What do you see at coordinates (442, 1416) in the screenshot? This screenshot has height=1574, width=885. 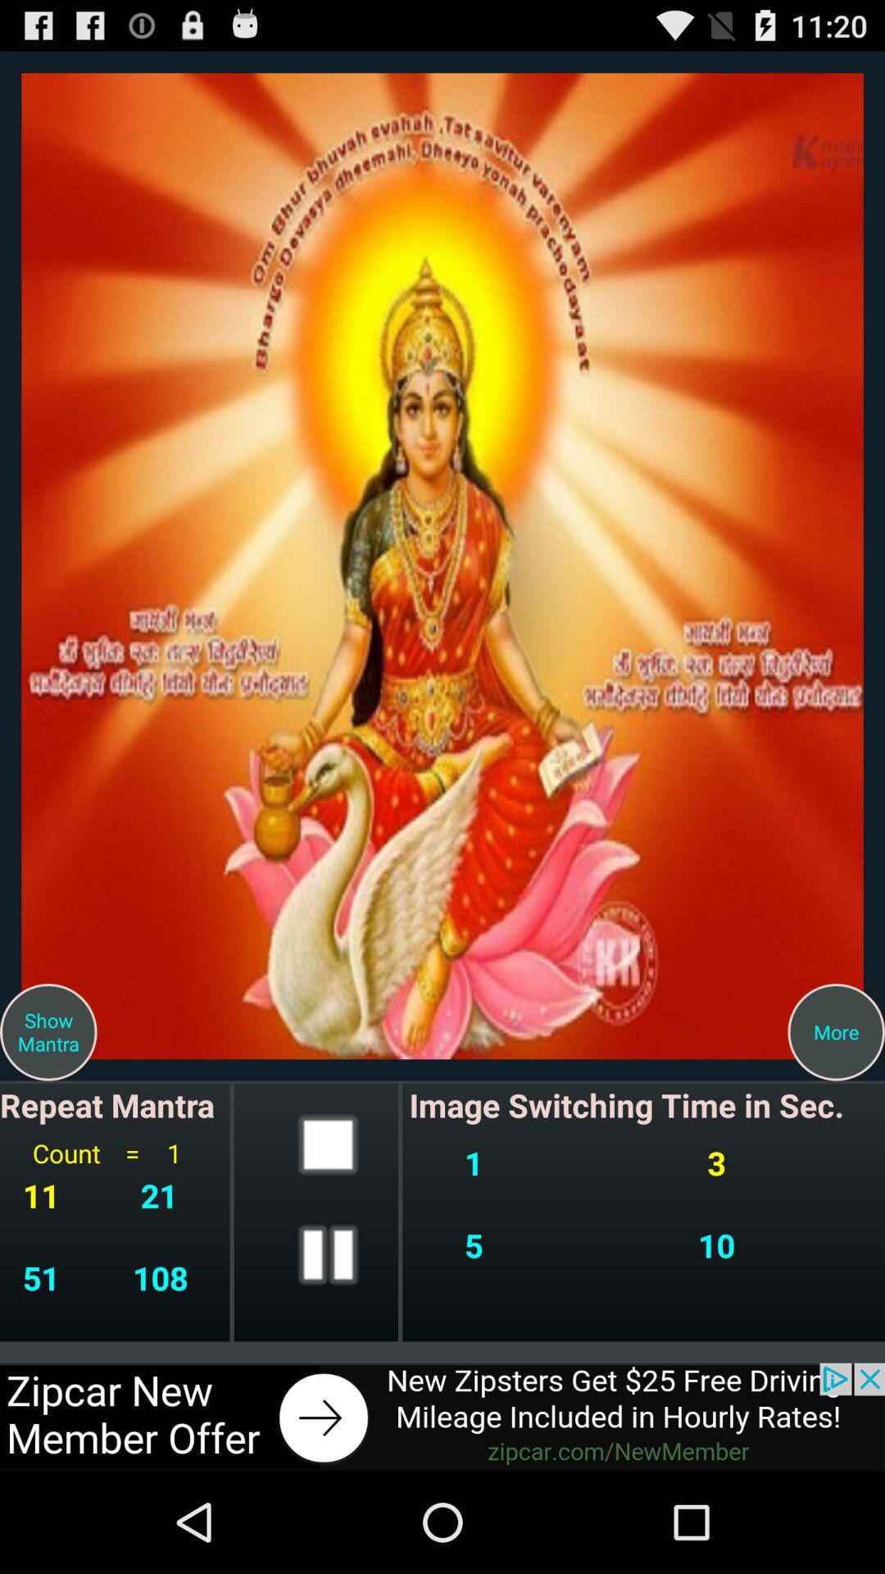 I see `advertisement banner` at bounding box center [442, 1416].